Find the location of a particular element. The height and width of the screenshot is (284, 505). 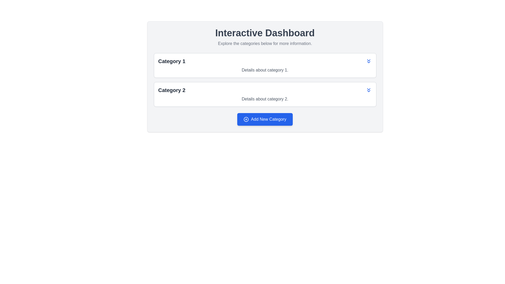

the blue rectangular button labeled 'Add New Category' with a white plus icon is located at coordinates (265, 119).